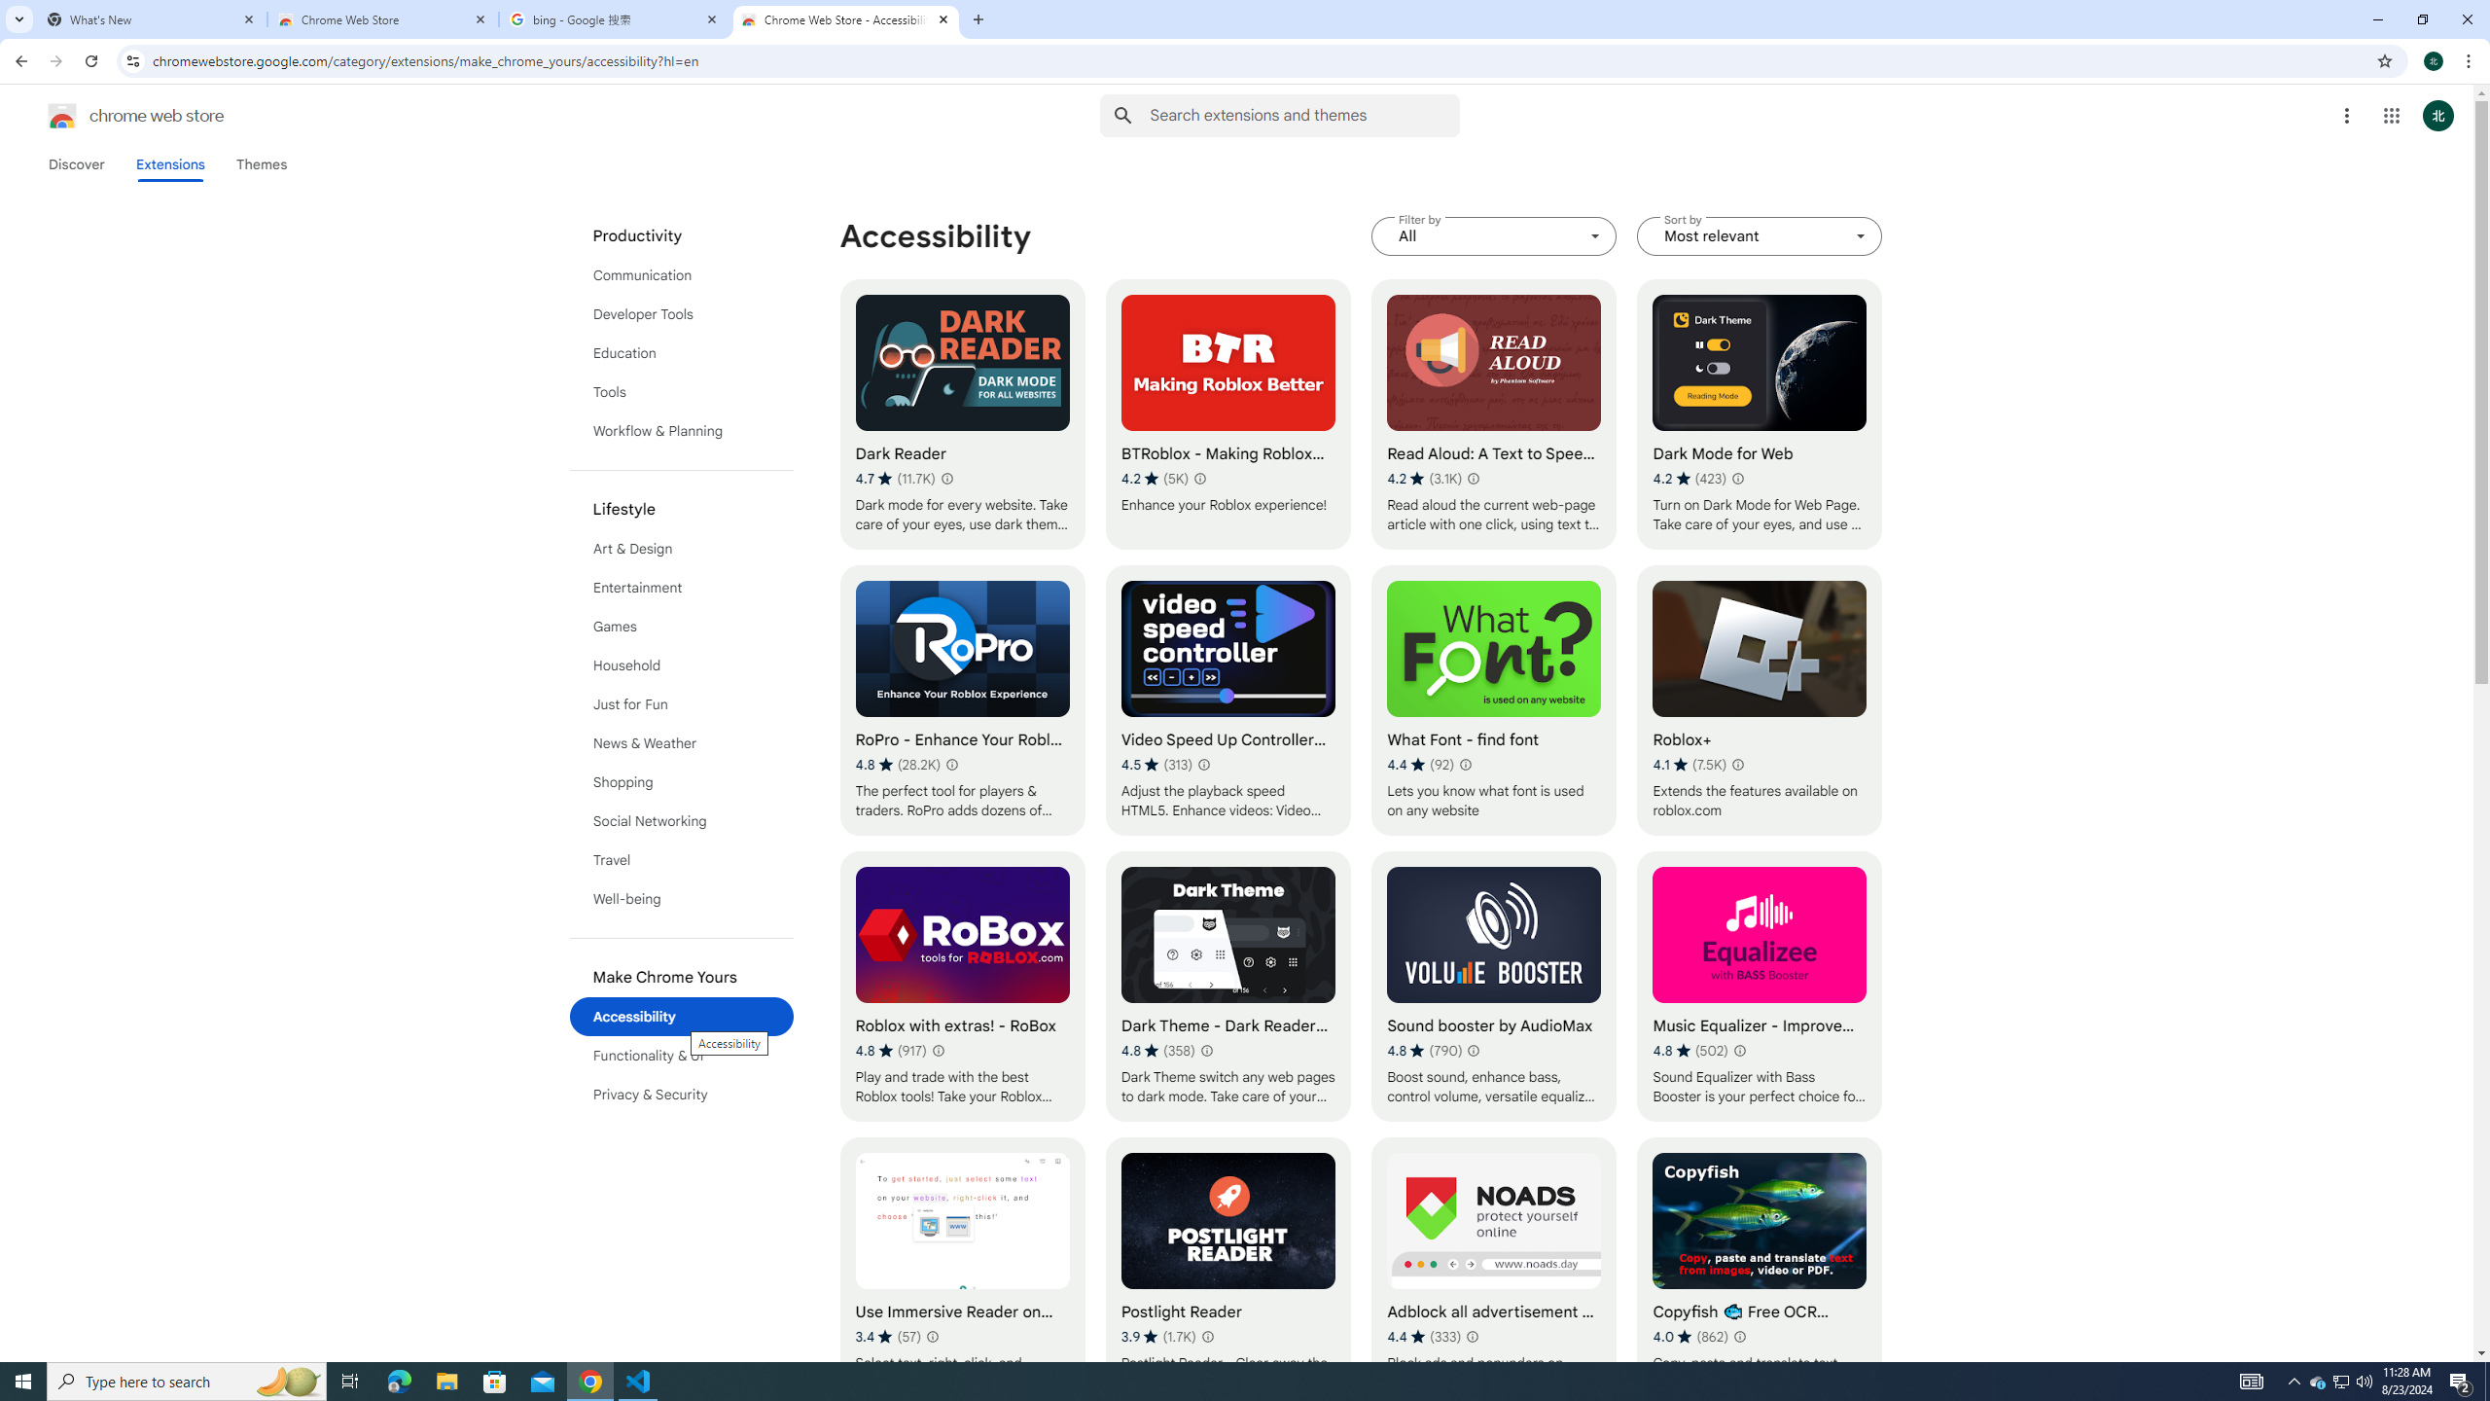 This screenshot has width=2490, height=1401. I want to click on 'Learn more about results and reviews "Dark Reader"', so click(944, 477).